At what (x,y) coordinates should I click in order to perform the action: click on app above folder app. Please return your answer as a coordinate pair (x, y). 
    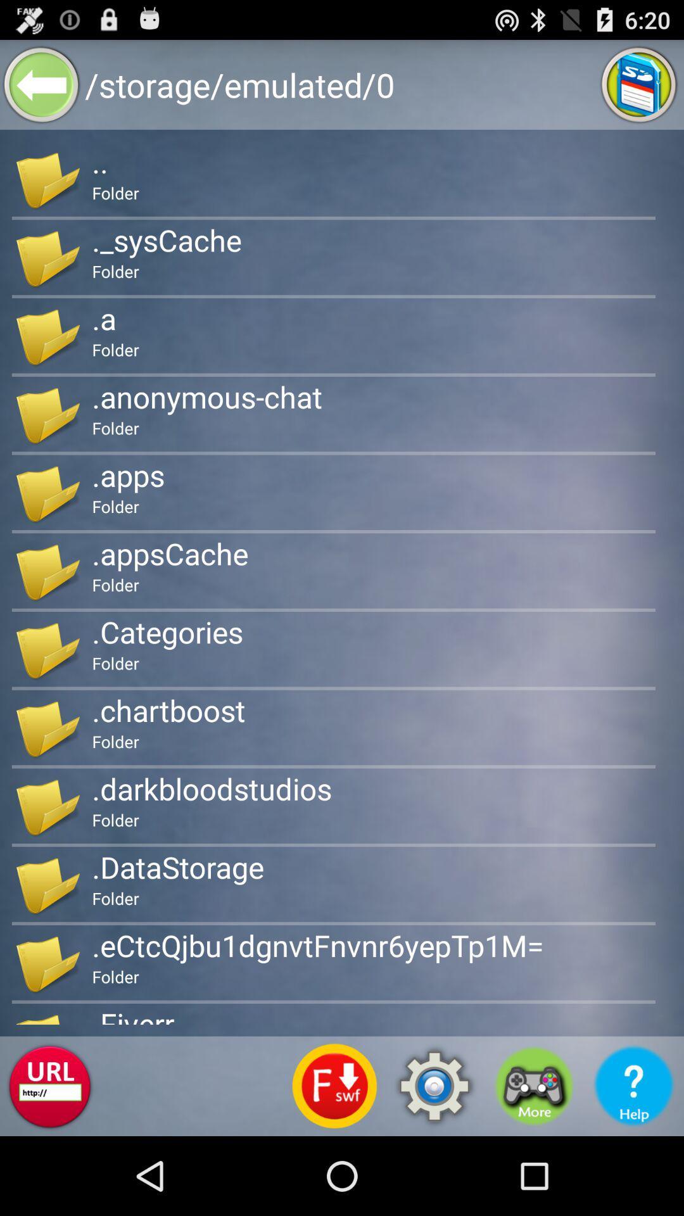
    Looking at the image, I should click on (166, 240).